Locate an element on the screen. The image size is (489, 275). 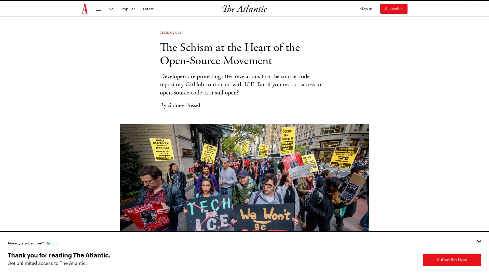
Hide subscription information is located at coordinates (479, 241).